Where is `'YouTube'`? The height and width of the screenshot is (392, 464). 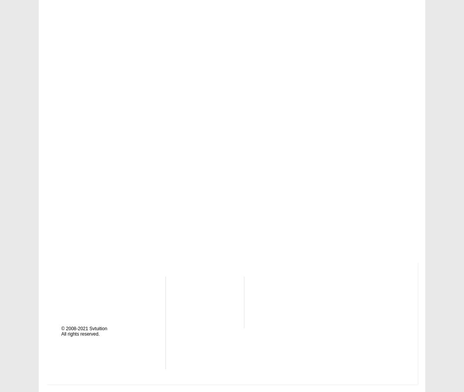
'YouTube' is located at coordinates (267, 321).